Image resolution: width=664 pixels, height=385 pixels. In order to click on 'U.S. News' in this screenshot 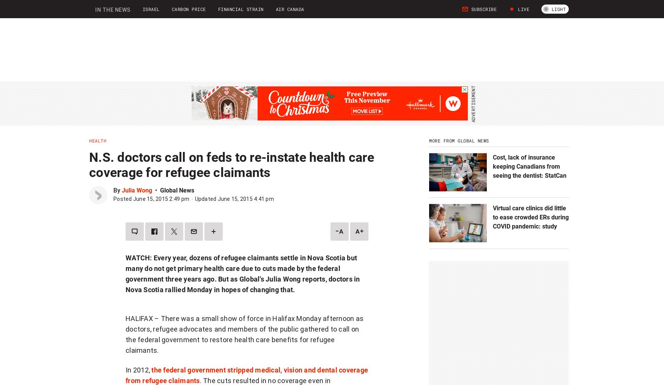, I will do `click(258, 13)`.